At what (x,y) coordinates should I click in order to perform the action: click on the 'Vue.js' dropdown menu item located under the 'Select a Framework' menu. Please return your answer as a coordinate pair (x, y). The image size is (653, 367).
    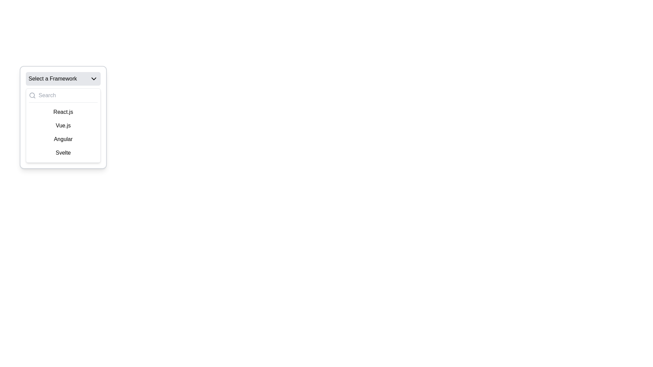
    Looking at the image, I should click on (63, 125).